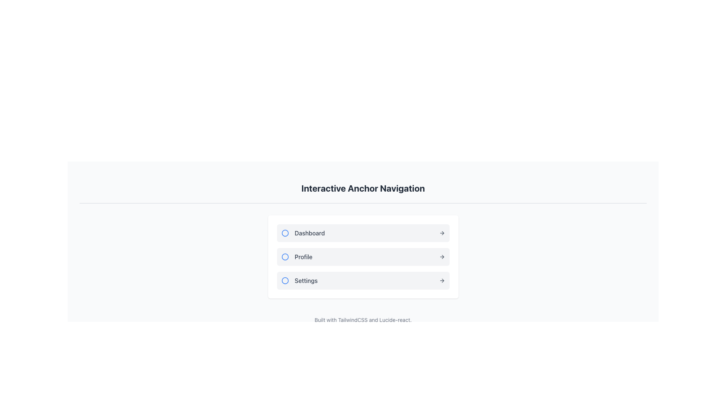 The image size is (714, 401). I want to click on the settings navigation button, which is the third item in a vertical list of buttons, so click(363, 281).